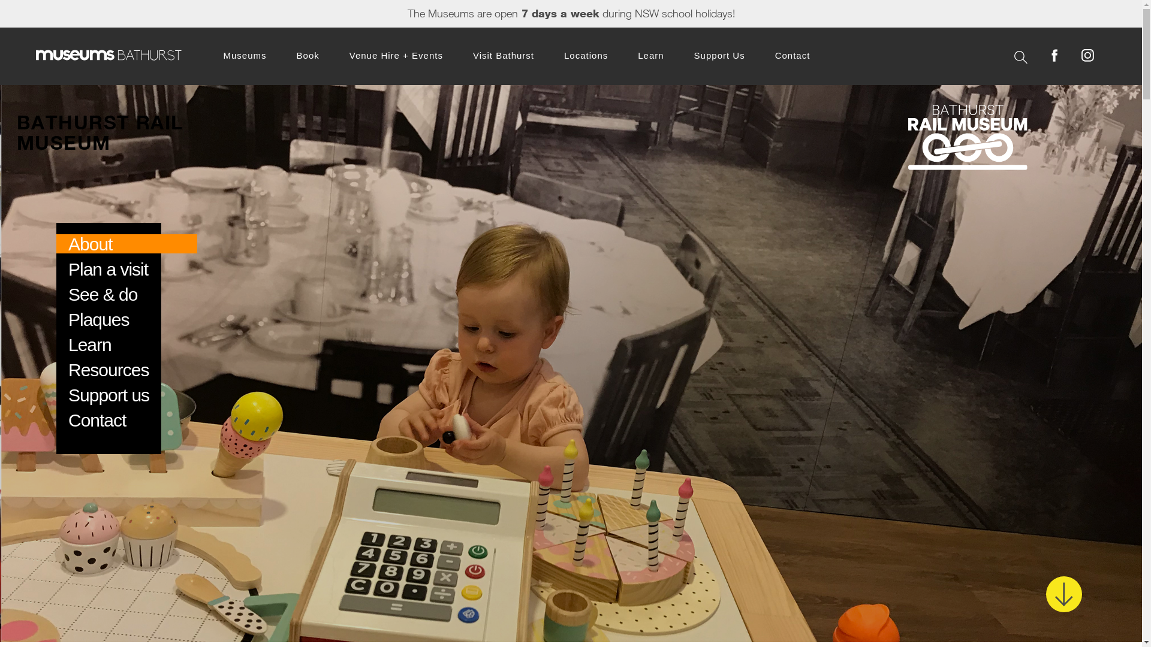  I want to click on 'Museums', so click(244, 55).